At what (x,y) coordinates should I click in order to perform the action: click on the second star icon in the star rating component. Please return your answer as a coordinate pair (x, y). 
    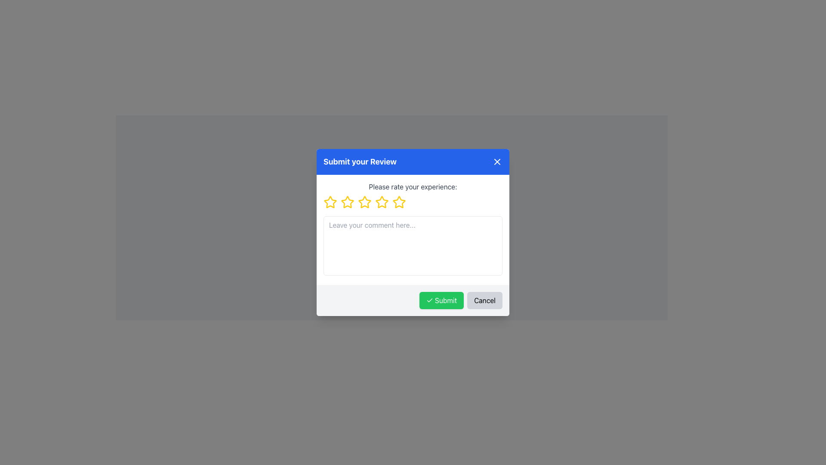
    Looking at the image, I should click on (347, 202).